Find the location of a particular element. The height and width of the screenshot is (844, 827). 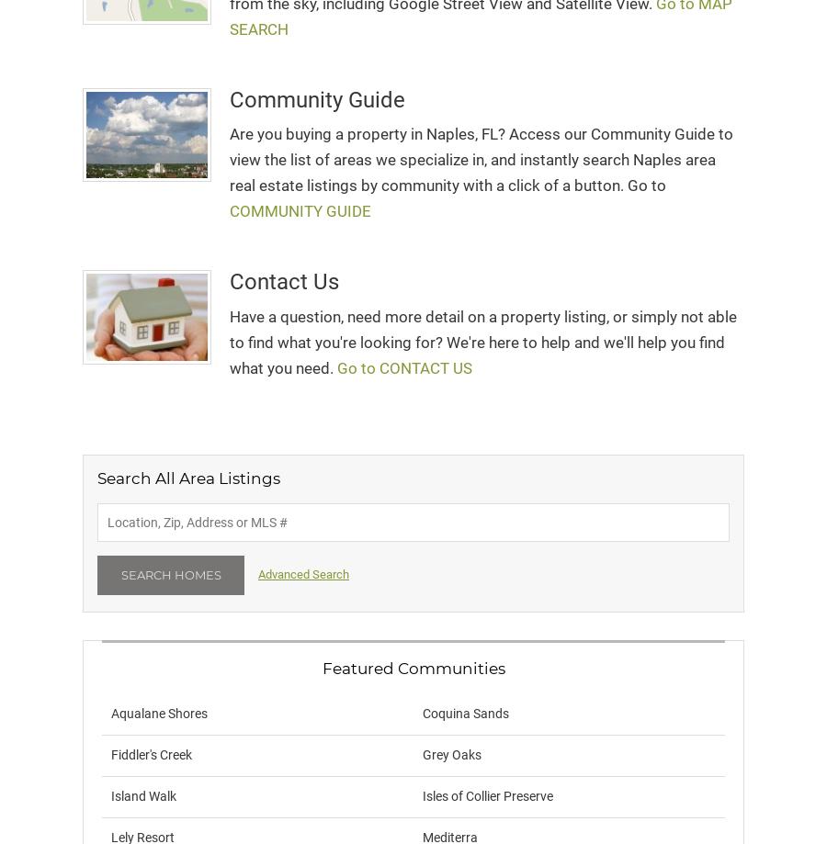

'Grey Oaks' is located at coordinates (451, 755).